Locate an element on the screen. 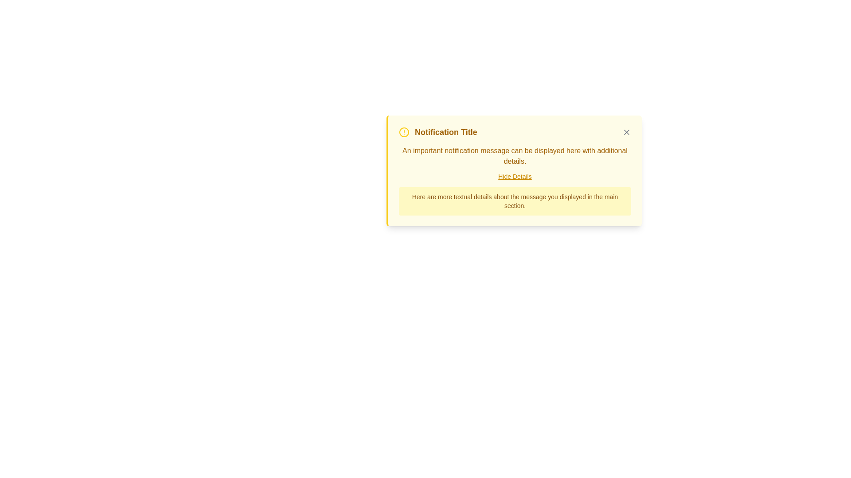  the close button represented by a gray 'X' at the upper-right corner of the notification card is located at coordinates (626, 132).